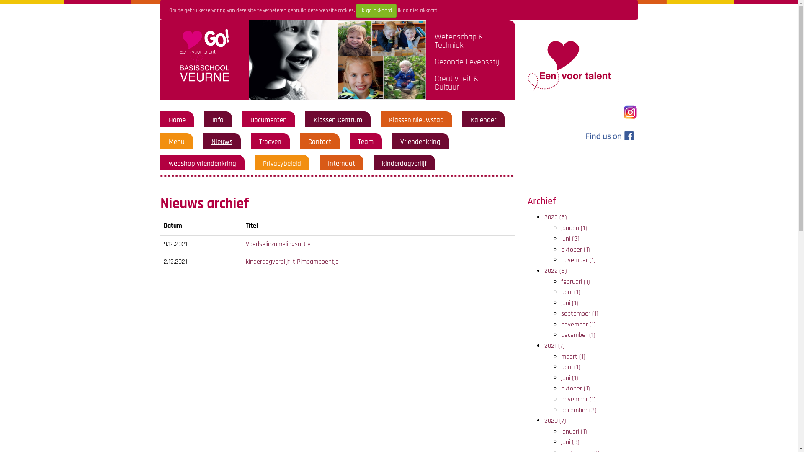  I want to click on 'december (1)', so click(578, 334).